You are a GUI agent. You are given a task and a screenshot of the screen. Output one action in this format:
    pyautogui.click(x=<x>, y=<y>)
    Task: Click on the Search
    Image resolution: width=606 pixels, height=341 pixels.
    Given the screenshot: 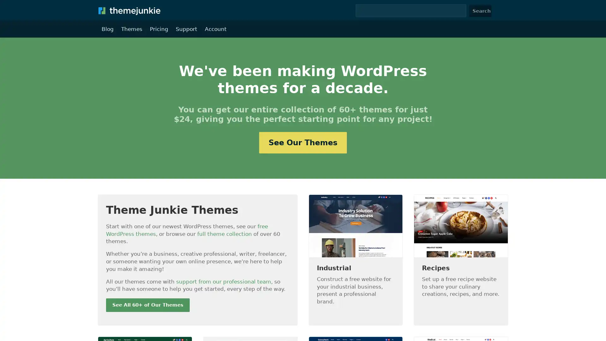 What is the action you would take?
    pyautogui.click(x=480, y=11)
    